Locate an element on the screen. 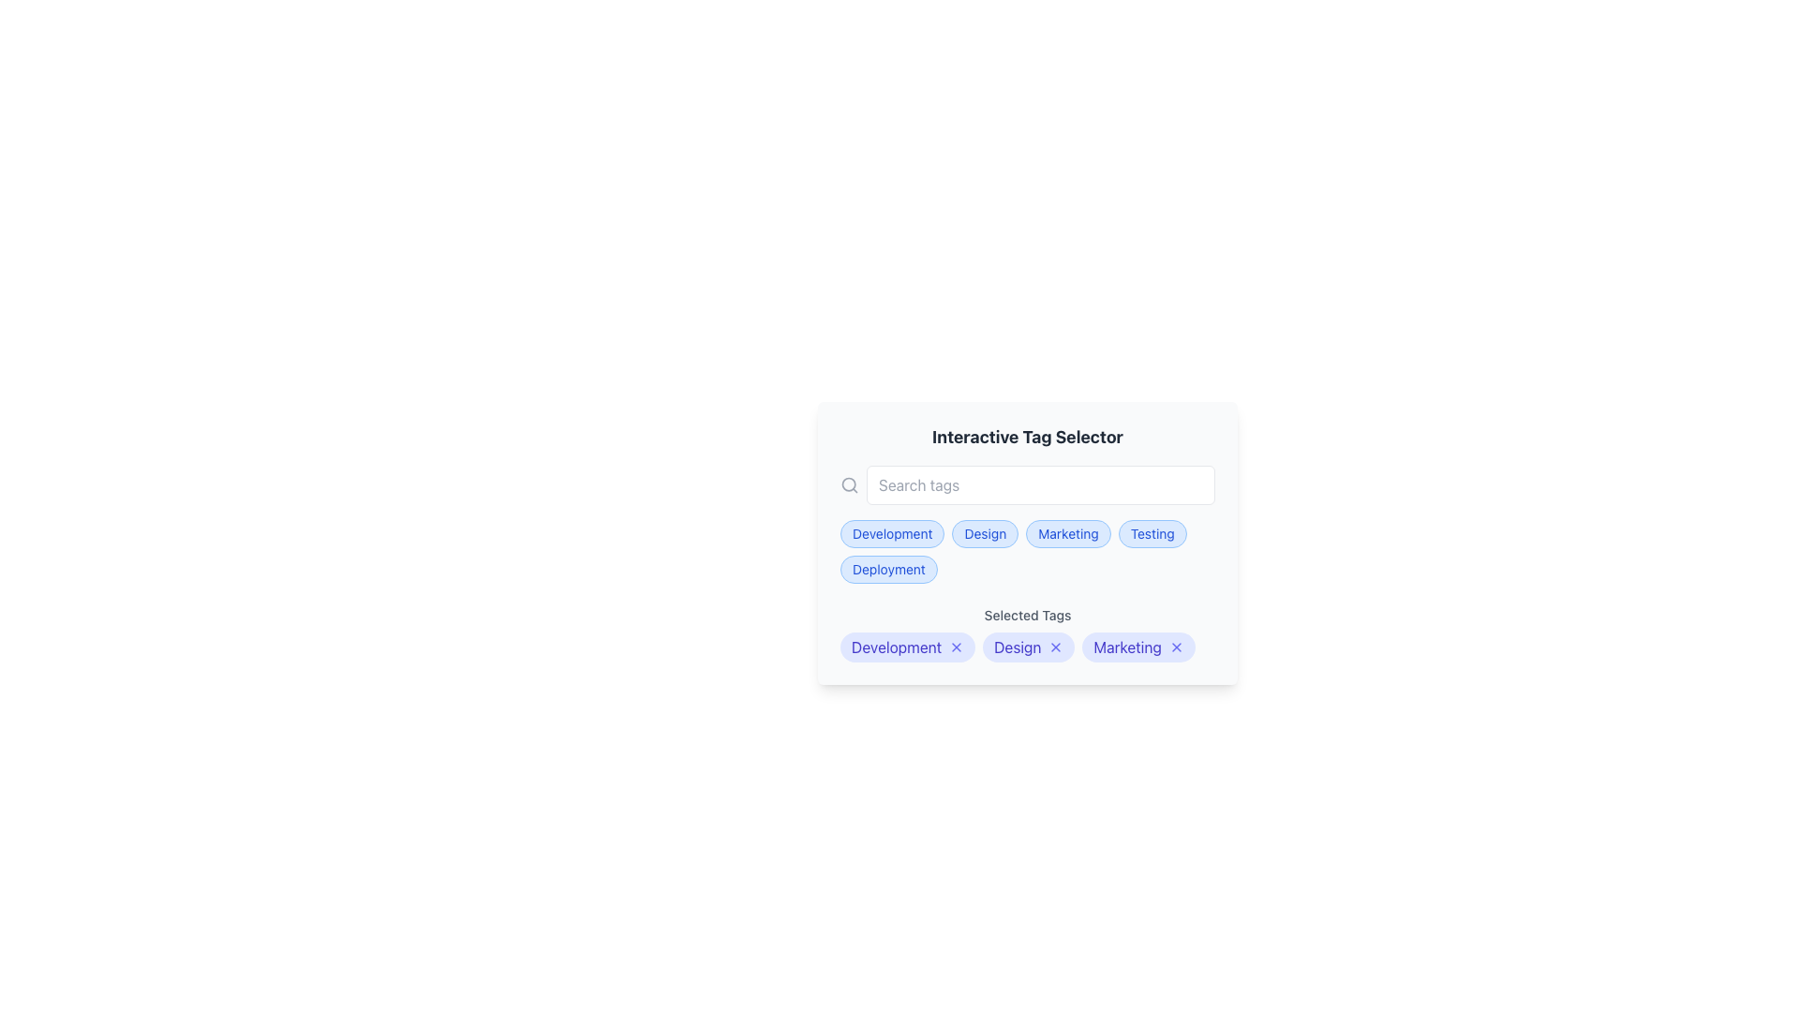 Image resolution: width=1799 pixels, height=1012 pixels. the 'Design' button, which has a light blue background and is located between the 'Development' and 'Marketing' tags in a horizontal row of buttons is located at coordinates (984, 534).